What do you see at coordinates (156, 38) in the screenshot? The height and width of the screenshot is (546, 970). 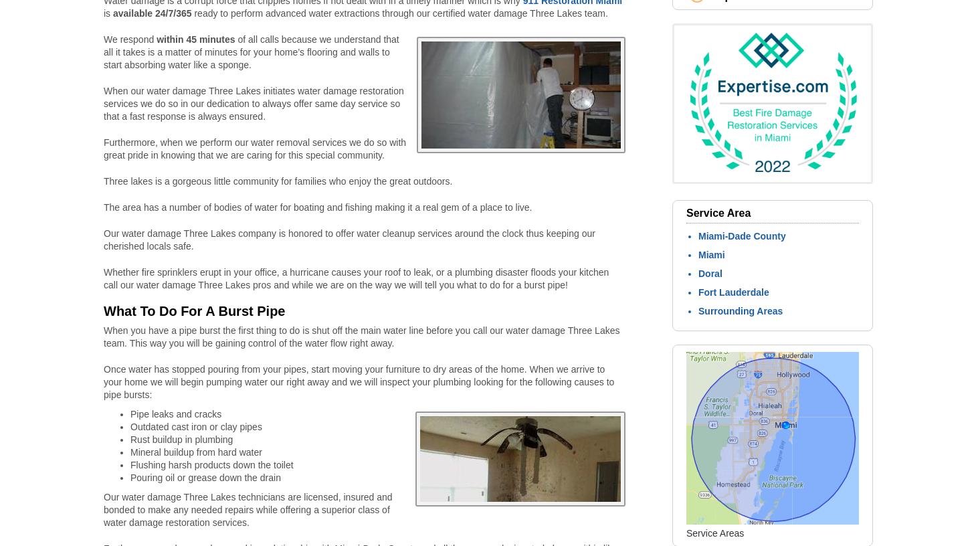 I see `'within 45 minutes'` at bounding box center [156, 38].